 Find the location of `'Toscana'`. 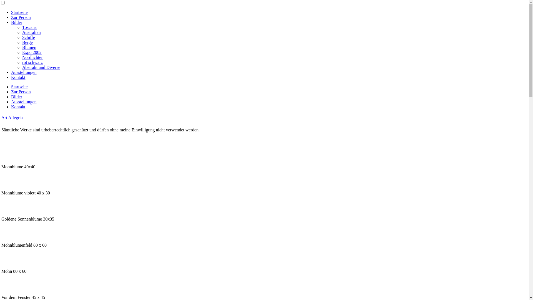

'Toscana' is located at coordinates (29, 27).